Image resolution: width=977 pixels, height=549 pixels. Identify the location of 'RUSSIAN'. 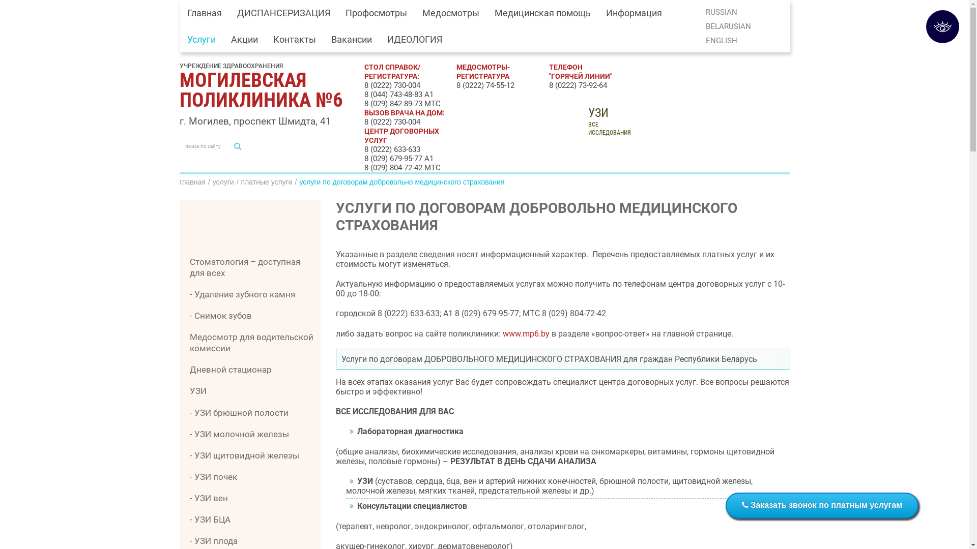
(721, 12).